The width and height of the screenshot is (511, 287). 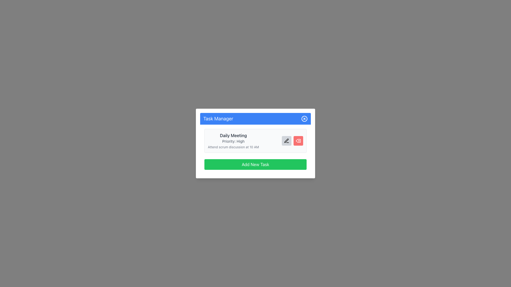 I want to click on the pen-shaped icon on the right side of the task box, so click(x=286, y=140).